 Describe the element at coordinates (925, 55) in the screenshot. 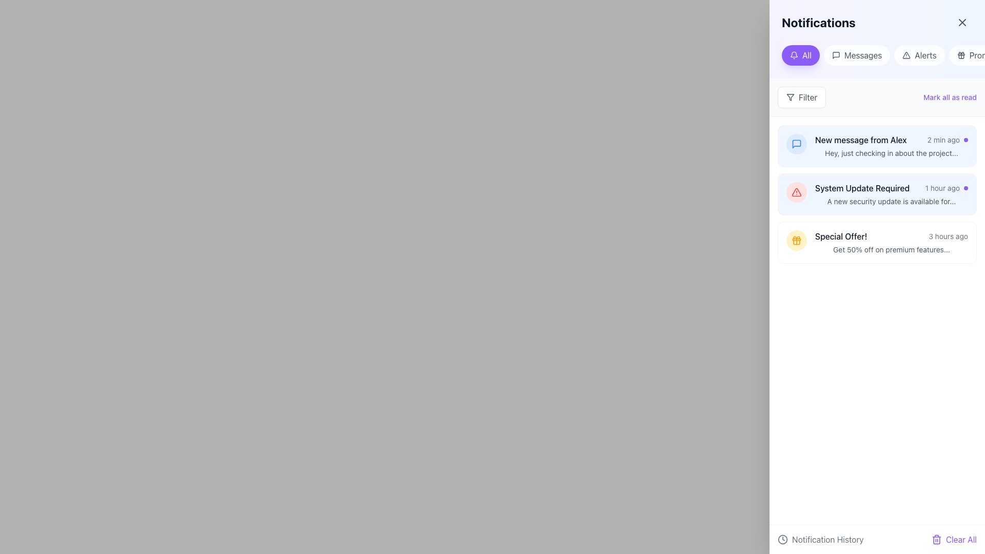

I see `the 'Alerts' button, which displays the text label in medium gray within a rounded white button, located in the top-right of the Notifications panel` at that location.